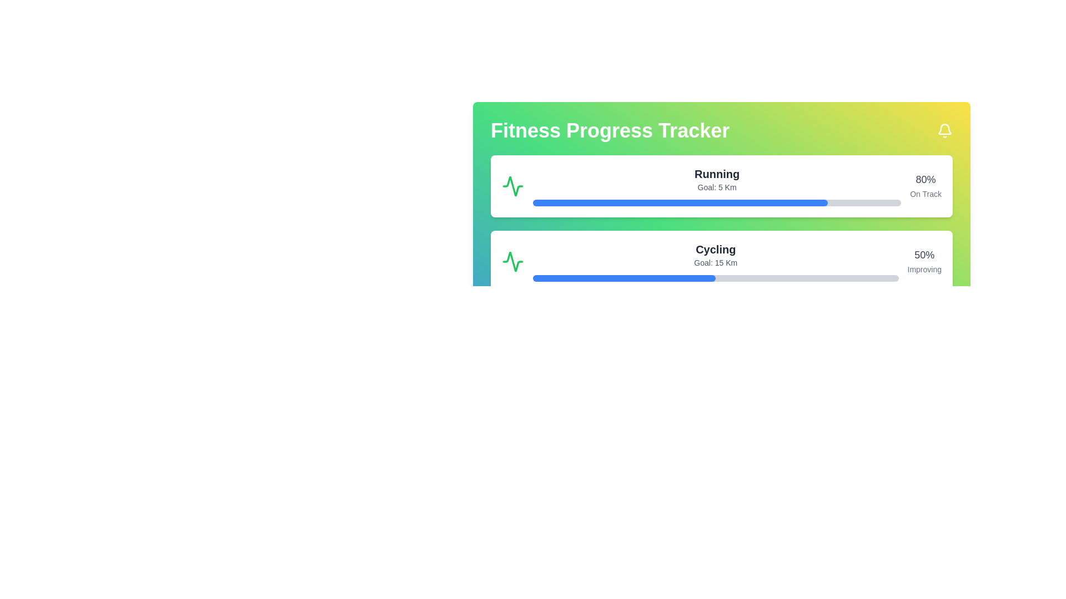 Image resolution: width=1066 pixels, height=599 pixels. I want to click on the Progress indicator that visually represents 80% completion for the activity labeled 'Running', so click(680, 203).